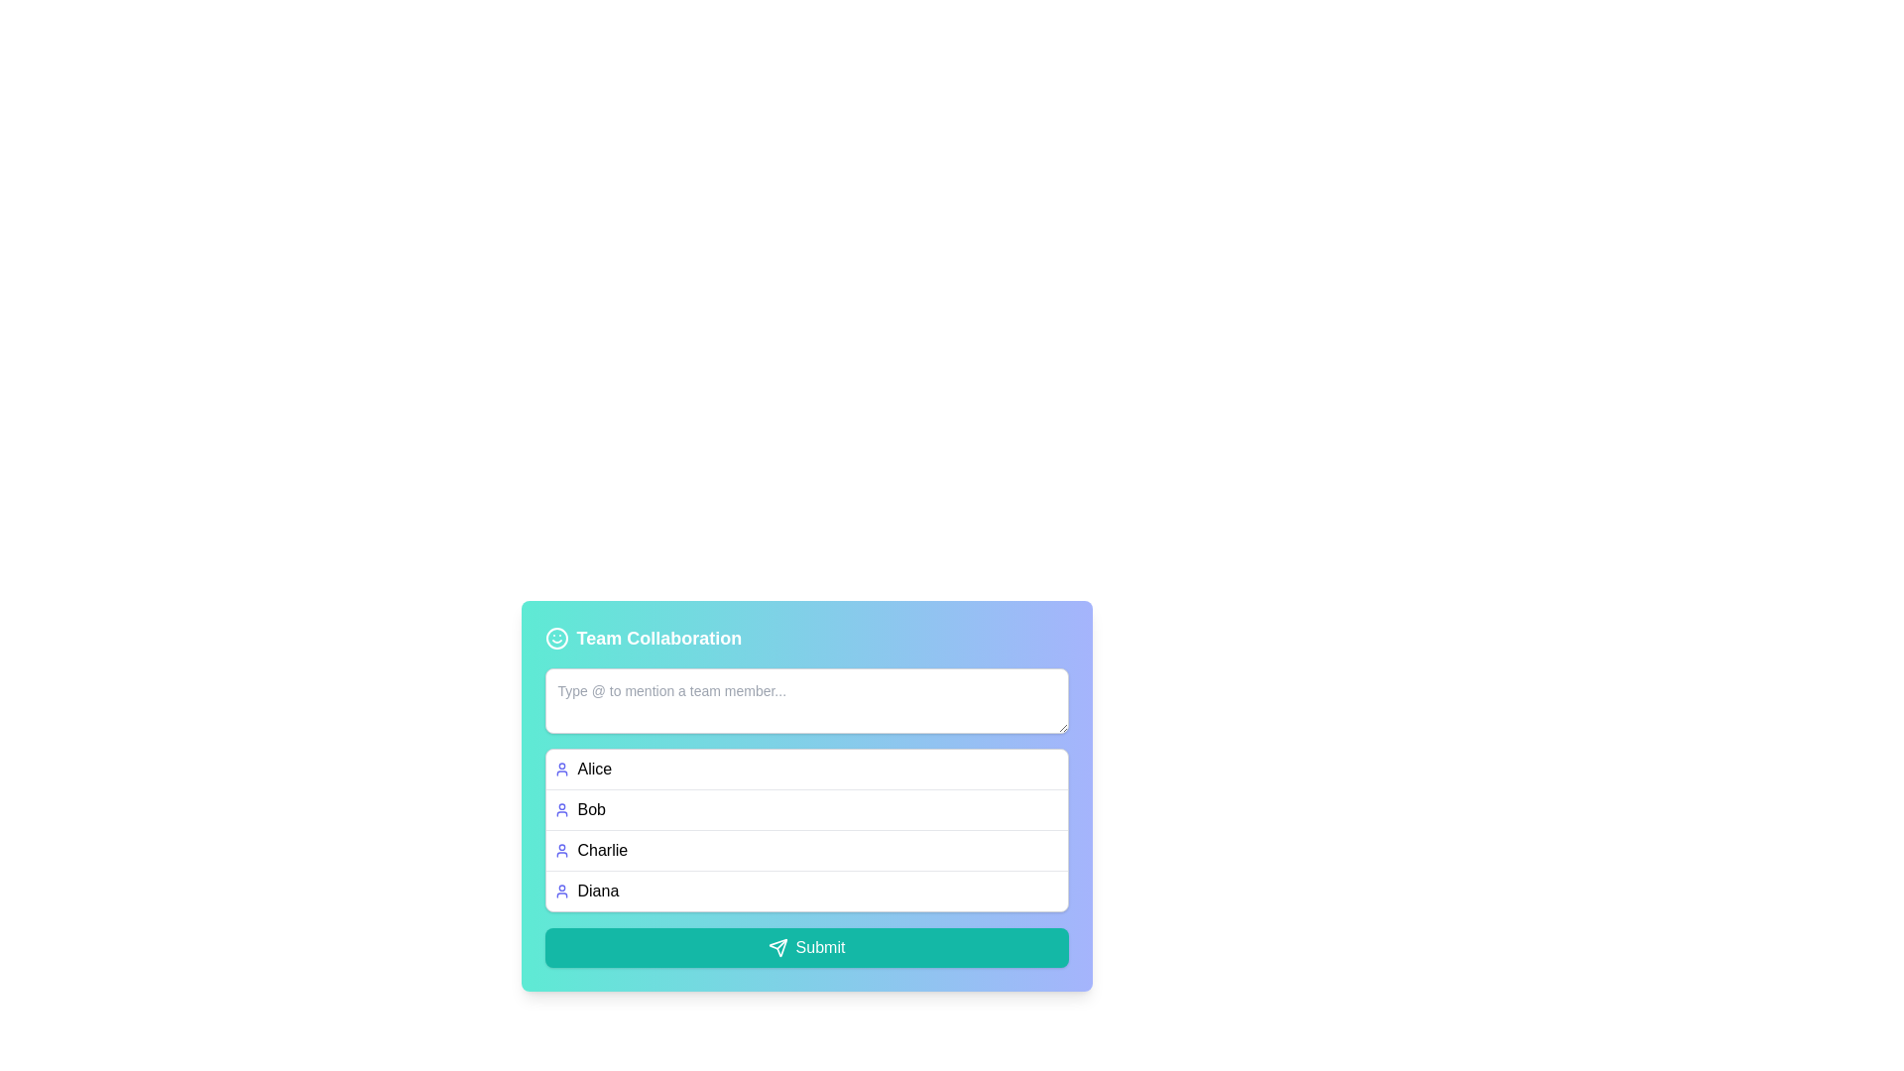  I want to click on the 'Submit' button which contains the decorative icon for form submission, located at the bottom of the form, so click(776, 947).